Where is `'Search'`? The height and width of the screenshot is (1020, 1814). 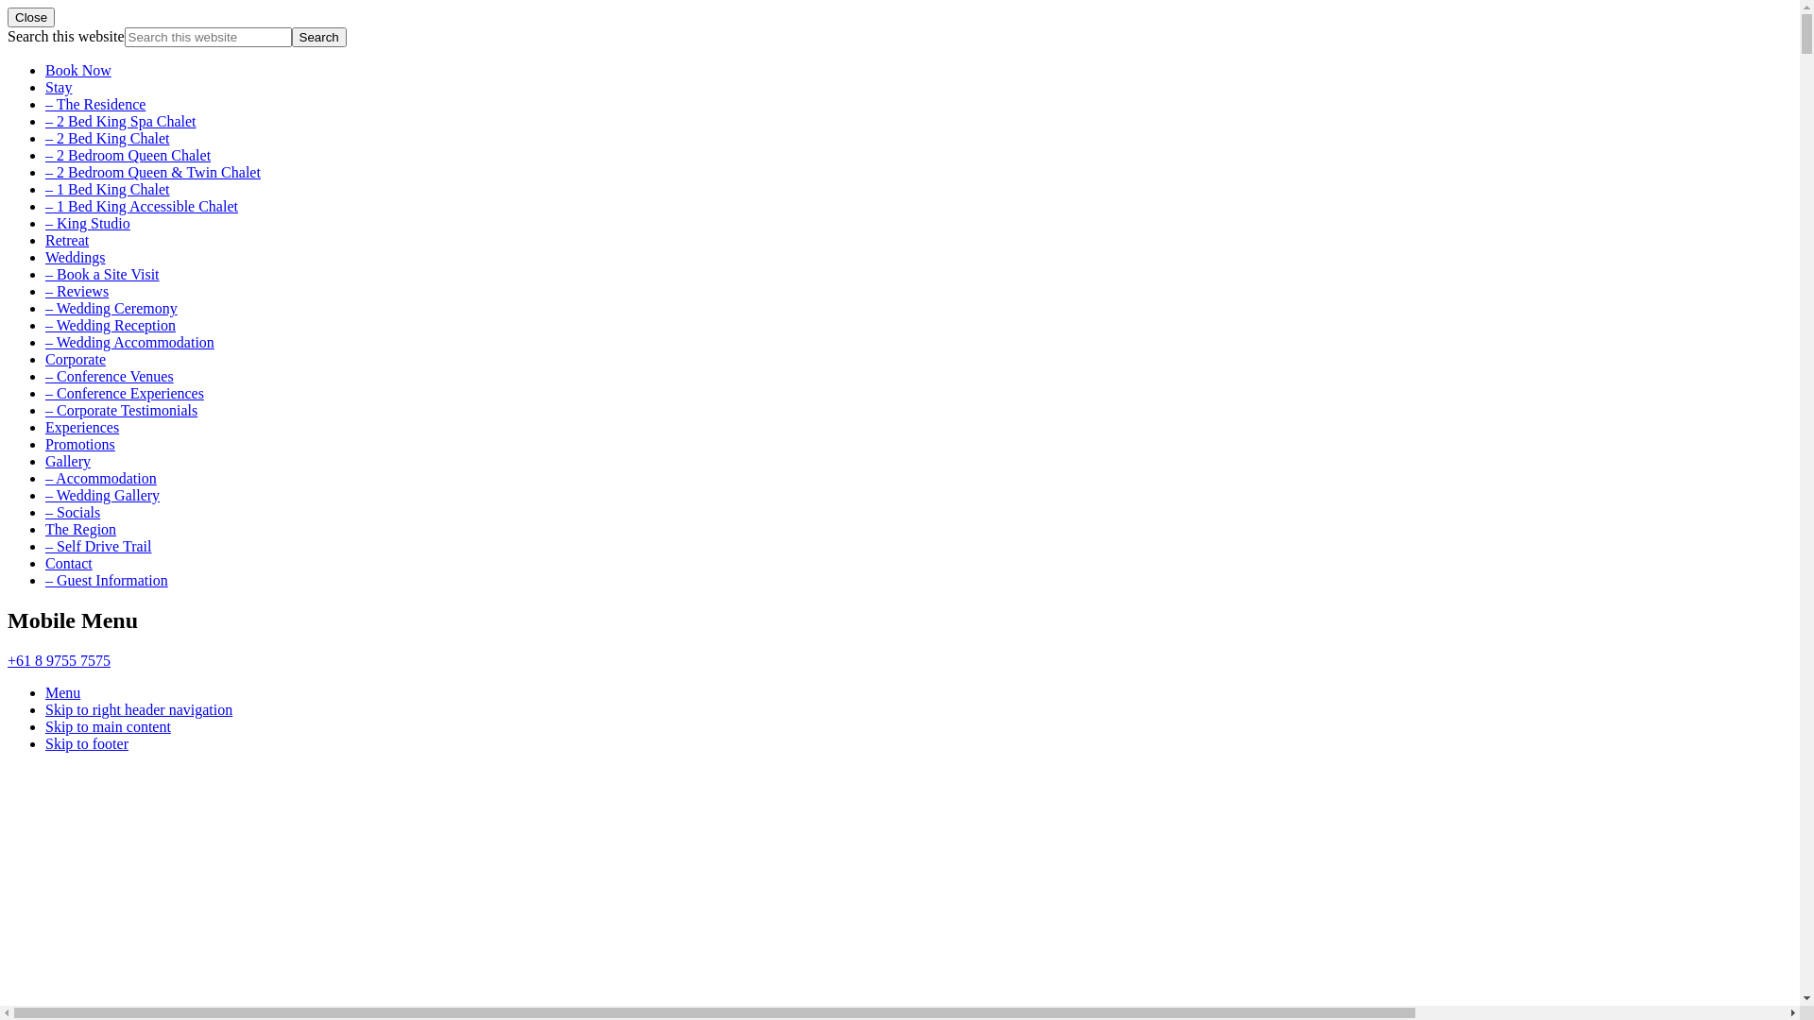
'Search' is located at coordinates (318, 37).